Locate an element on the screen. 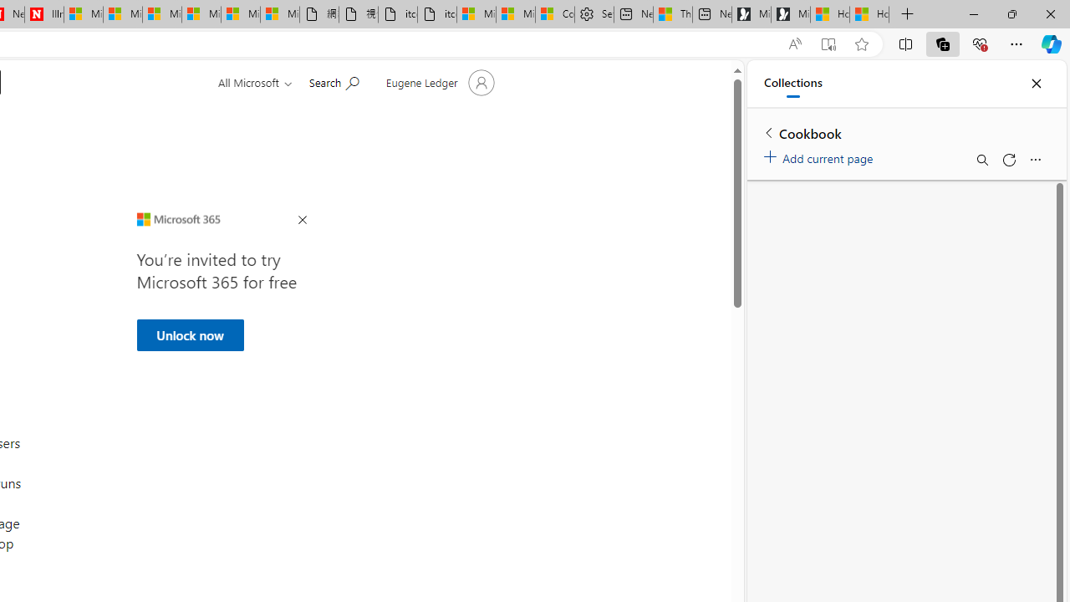  'Unlock now' is located at coordinates (190, 334).